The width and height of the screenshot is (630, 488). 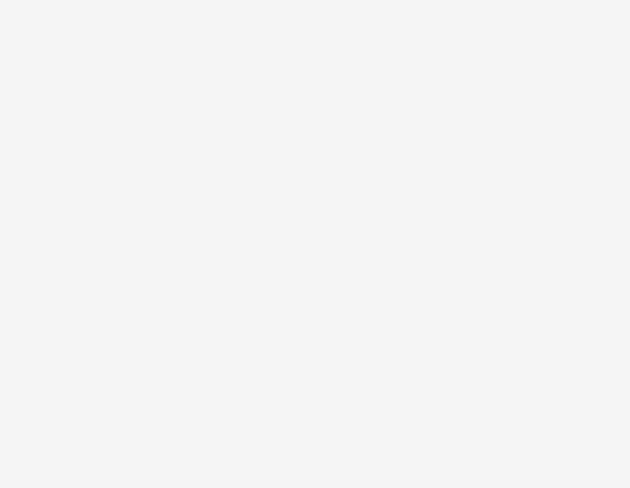 What do you see at coordinates (102, 72) in the screenshot?
I see `'www.sedar.com'` at bounding box center [102, 72].